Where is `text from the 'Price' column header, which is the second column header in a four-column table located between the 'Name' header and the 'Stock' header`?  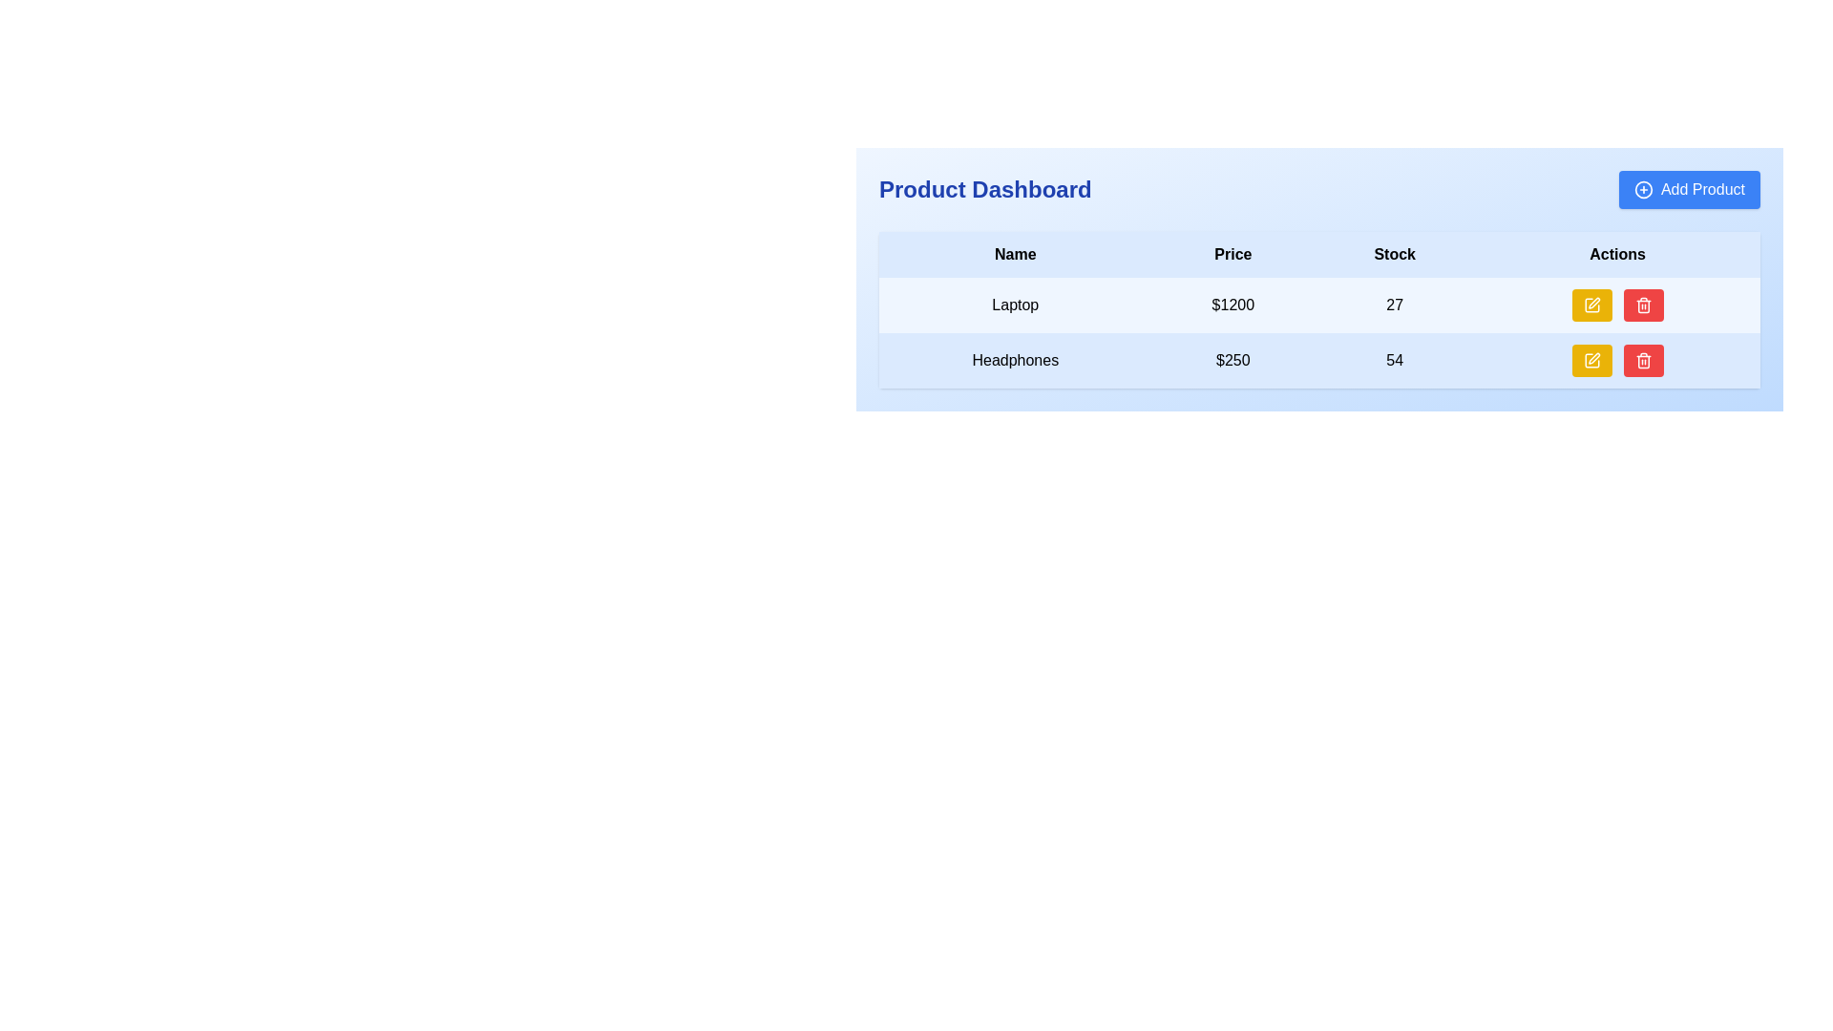
text from the 'Price' column header, which is the second column header in a four-column table located between the 'Name' header and the 'Stock' header is located at coordinates (1233, 253).